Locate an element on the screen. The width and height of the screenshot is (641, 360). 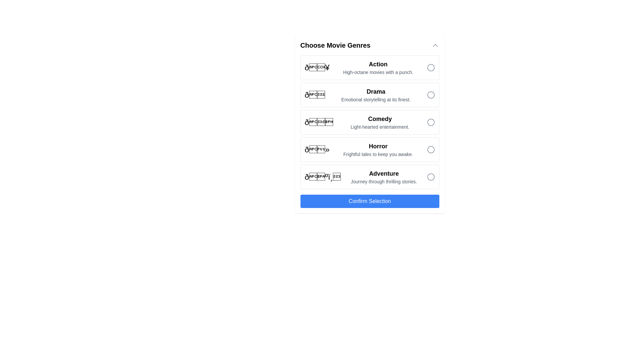
the text label that displays 'Adventure' in bold, large font, located in the fifth row of the 'Choose Movie Genres' section, directly below the 'Horror' genre option is located at coordinates (384, 177).